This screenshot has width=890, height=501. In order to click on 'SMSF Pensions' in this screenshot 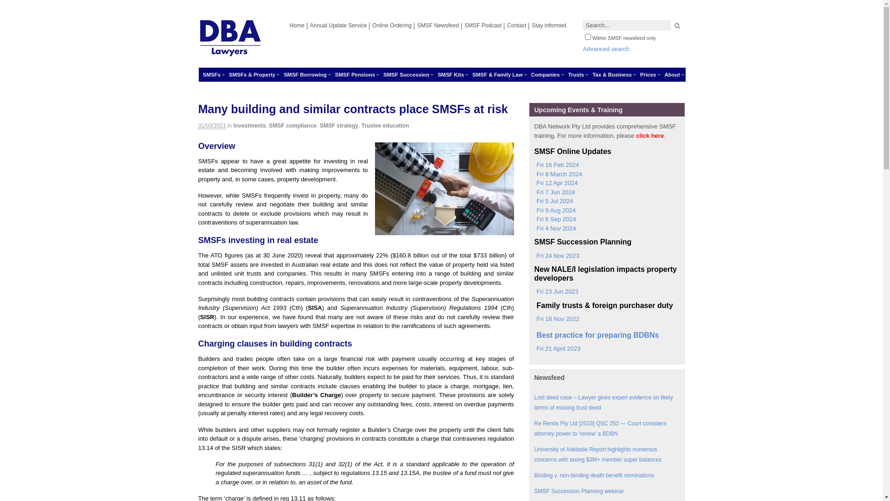, I will do `click(355, 74)`.